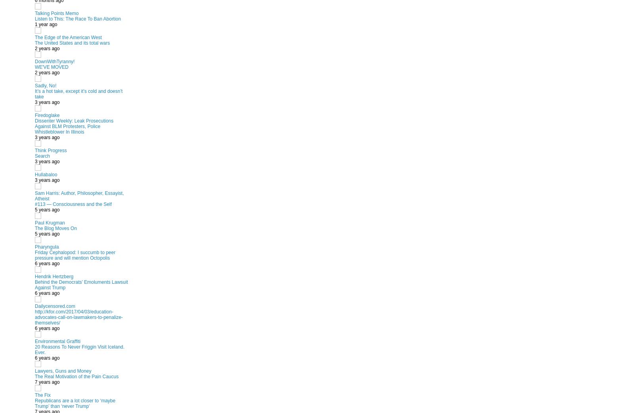 This screenshot has width=617, height=413. Describe the element at coordinates (42, 395) in the screenshot. I see `'The Fix'` at that location.